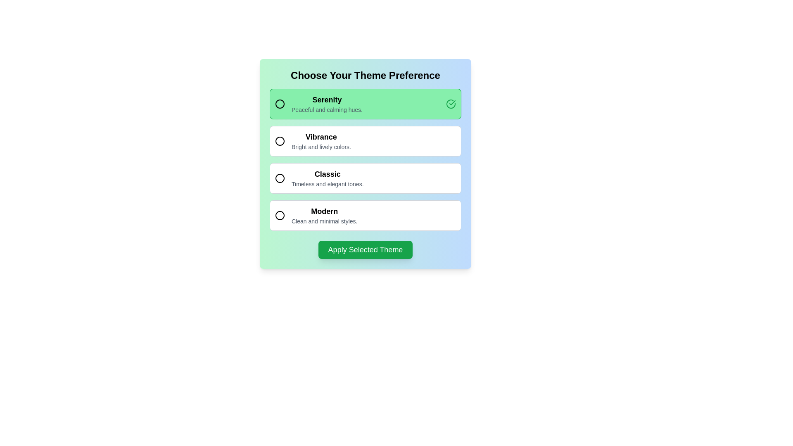 The width and height of the screenshot is (793, 446). I want to click on the radio button representing the 'Modern' theme option, so click(280, 215).